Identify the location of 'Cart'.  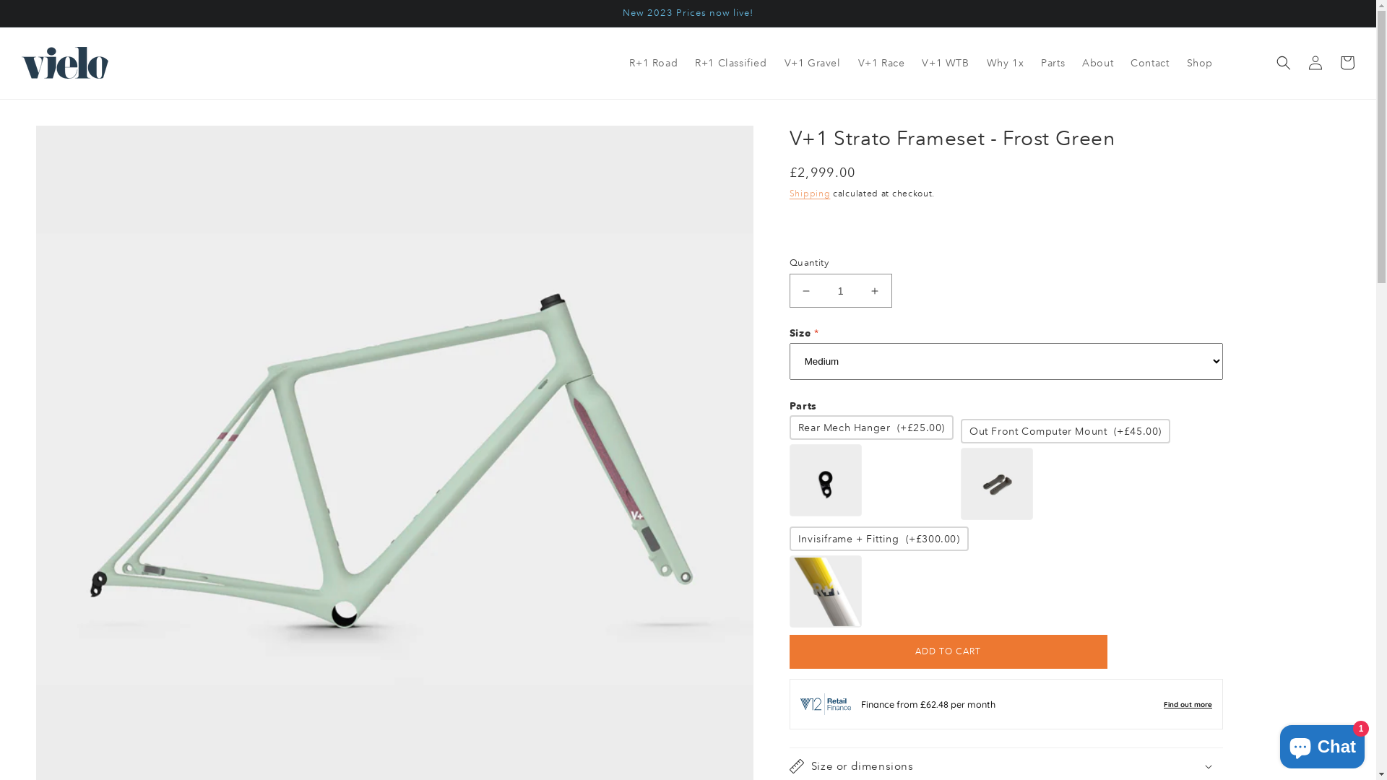
(1347, 62).